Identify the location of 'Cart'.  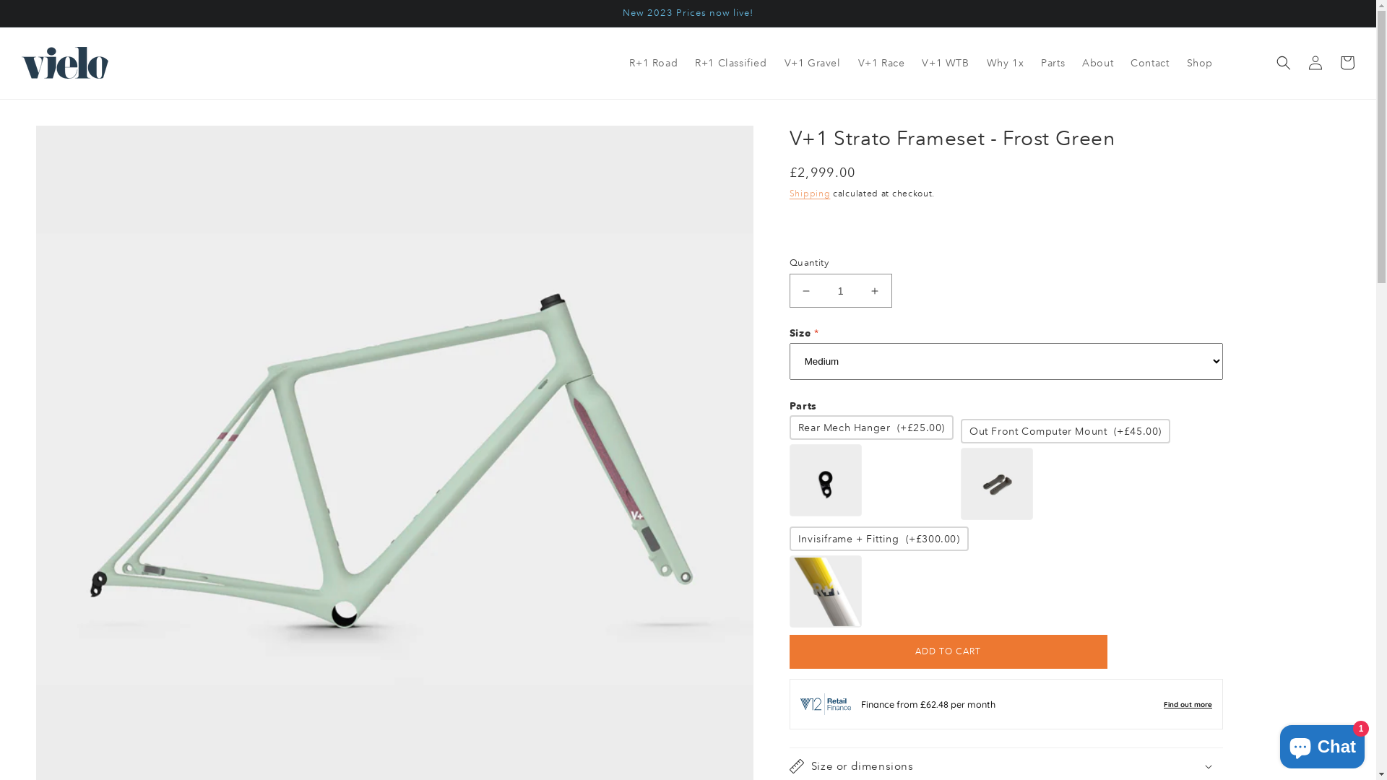
(1347, 62).